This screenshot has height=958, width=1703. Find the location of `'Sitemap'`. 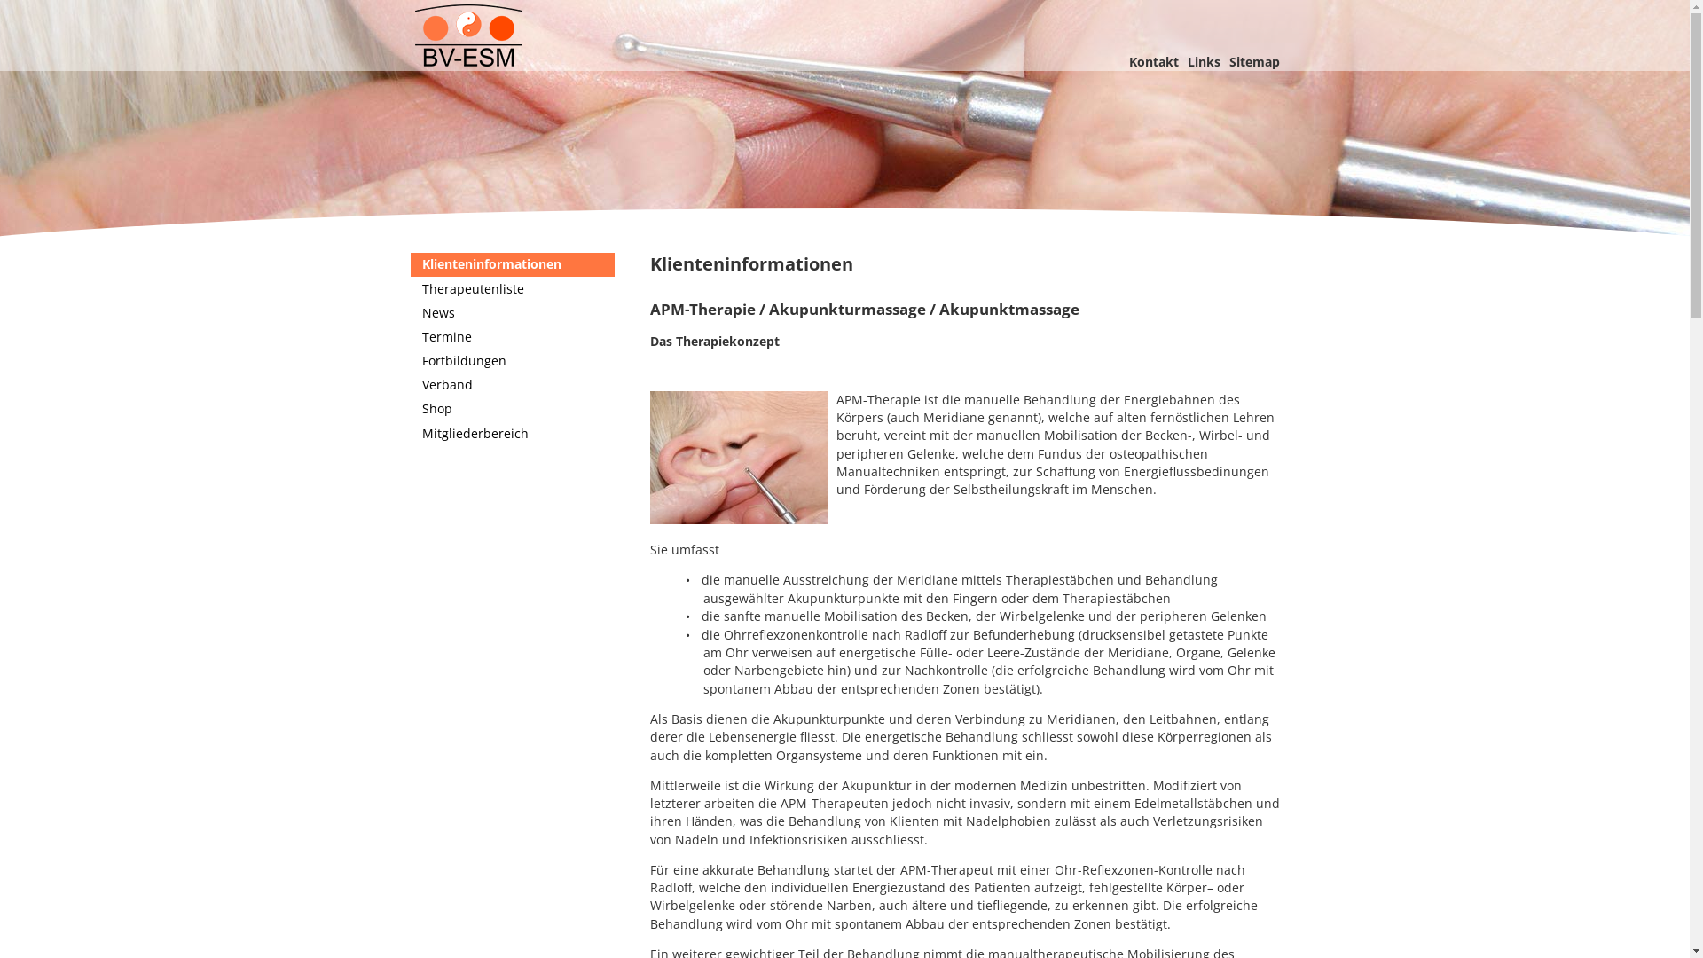

'Sitemap' is located at coordinates (1253, 60).